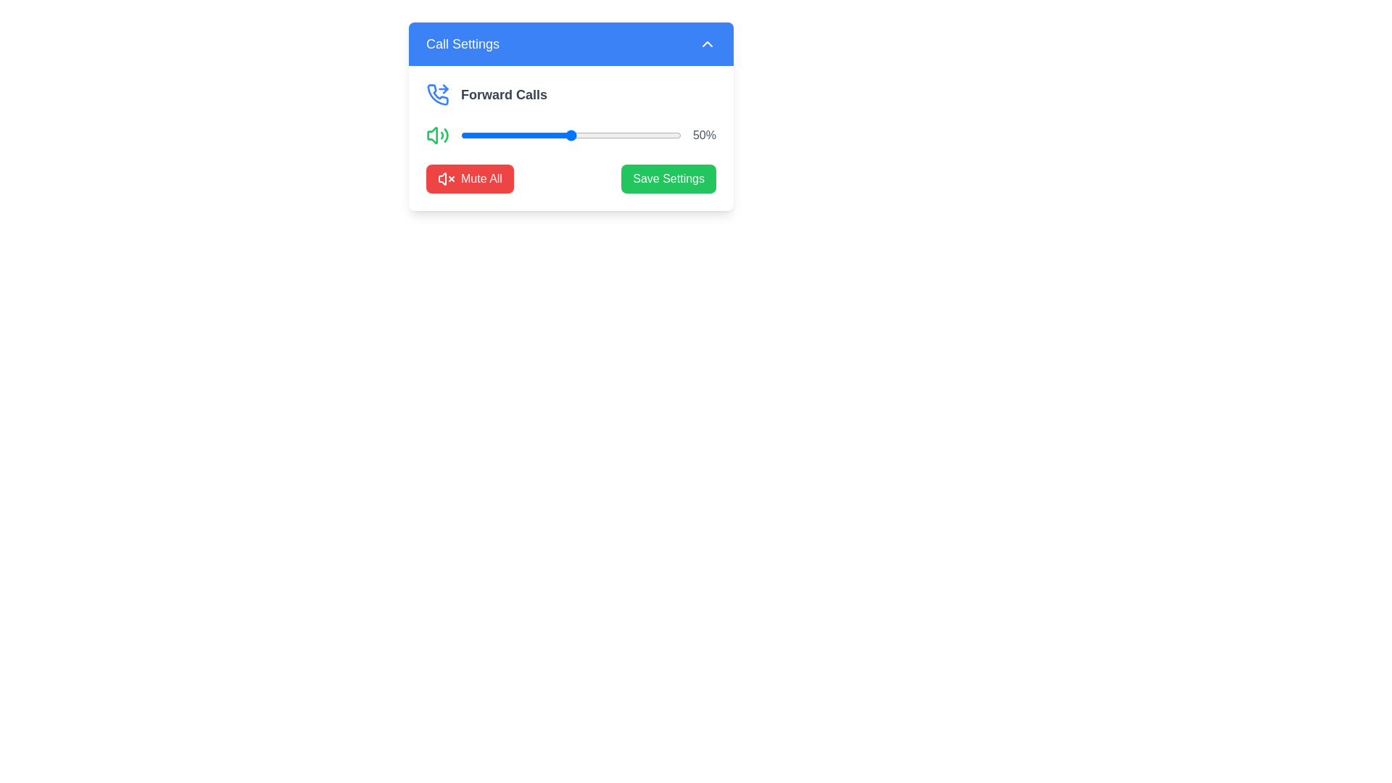 This screenshot has height=783, width=1392. What do you see at coordinates (552, 135) in the screenshot?
I see `the slider` at bounding box center [552, 135].